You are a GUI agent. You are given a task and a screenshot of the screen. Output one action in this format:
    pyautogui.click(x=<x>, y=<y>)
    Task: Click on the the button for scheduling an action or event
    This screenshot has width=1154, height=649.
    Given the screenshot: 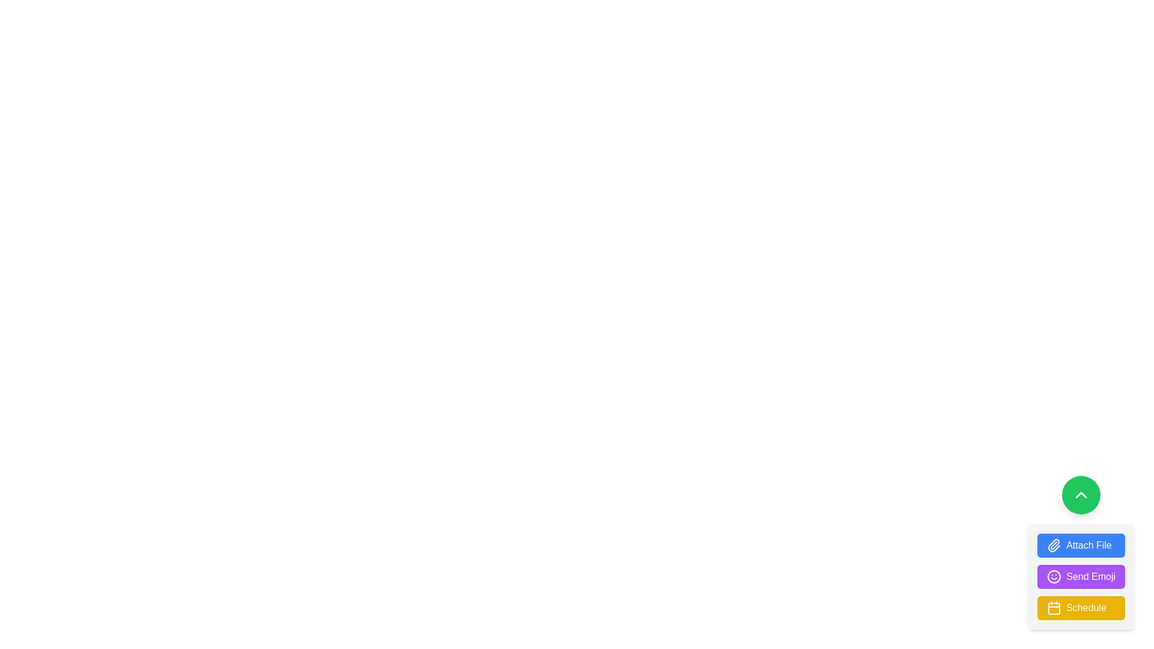 What is the action you would take?
    pyautogui.click(x=1081, y=608)
    